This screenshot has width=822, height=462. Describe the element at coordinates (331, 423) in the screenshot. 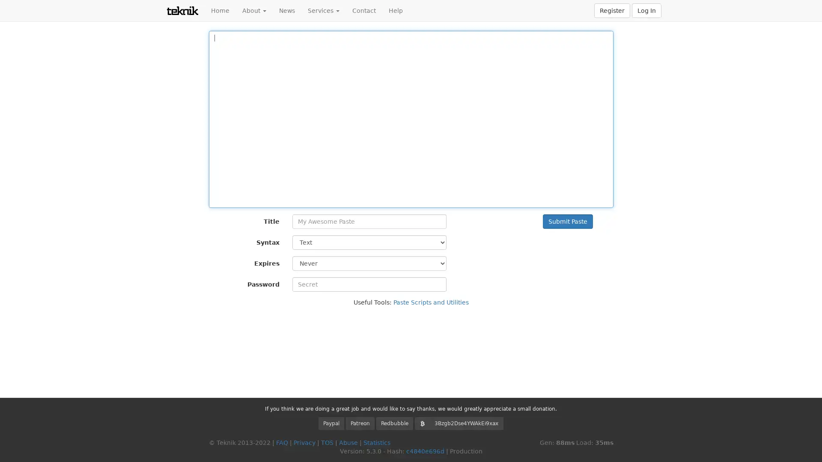

I see `Paypal` at that location.